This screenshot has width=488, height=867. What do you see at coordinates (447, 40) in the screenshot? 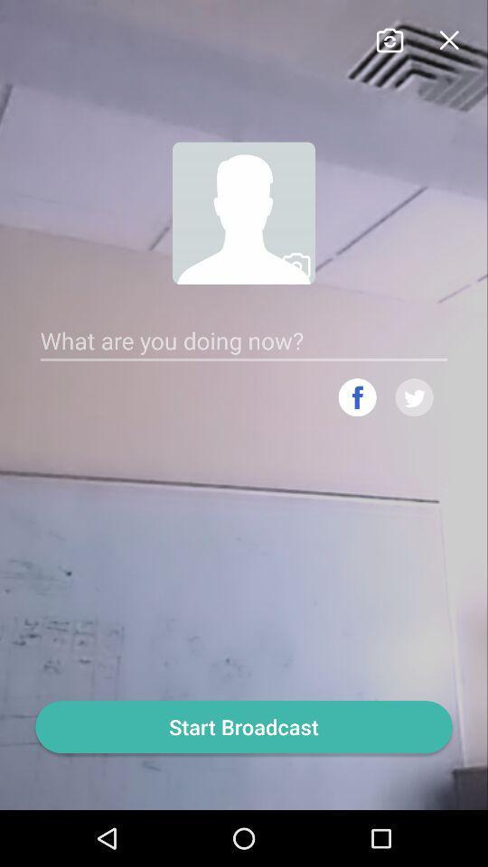
I see `the close icon` at bounding box center [447, 40].